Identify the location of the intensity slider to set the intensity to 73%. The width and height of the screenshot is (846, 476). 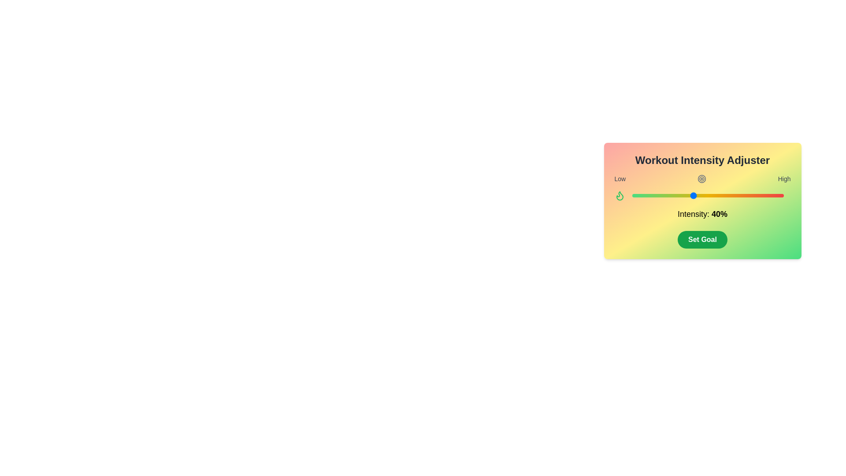
(742, 195).